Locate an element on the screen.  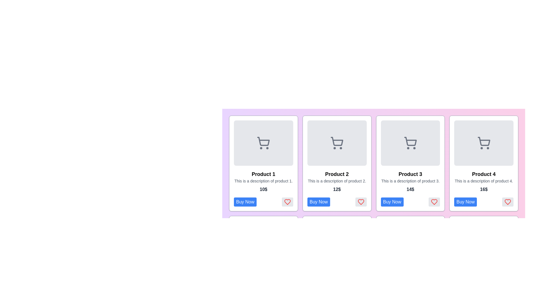
the text description element located in the fourth product card from the left, positioned below the product title 'Product 4' and above the price '16$' is located at coordinates (483, 181).